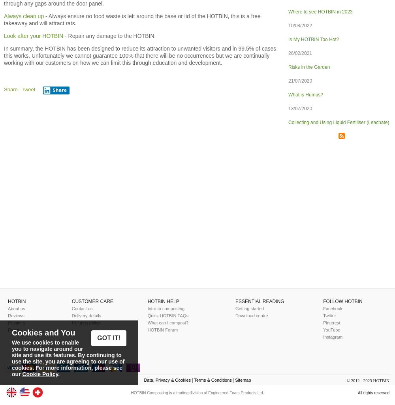  Describe the element at coordinates (8, 315) in the screenshot. I see `'Reviews'` at that location.